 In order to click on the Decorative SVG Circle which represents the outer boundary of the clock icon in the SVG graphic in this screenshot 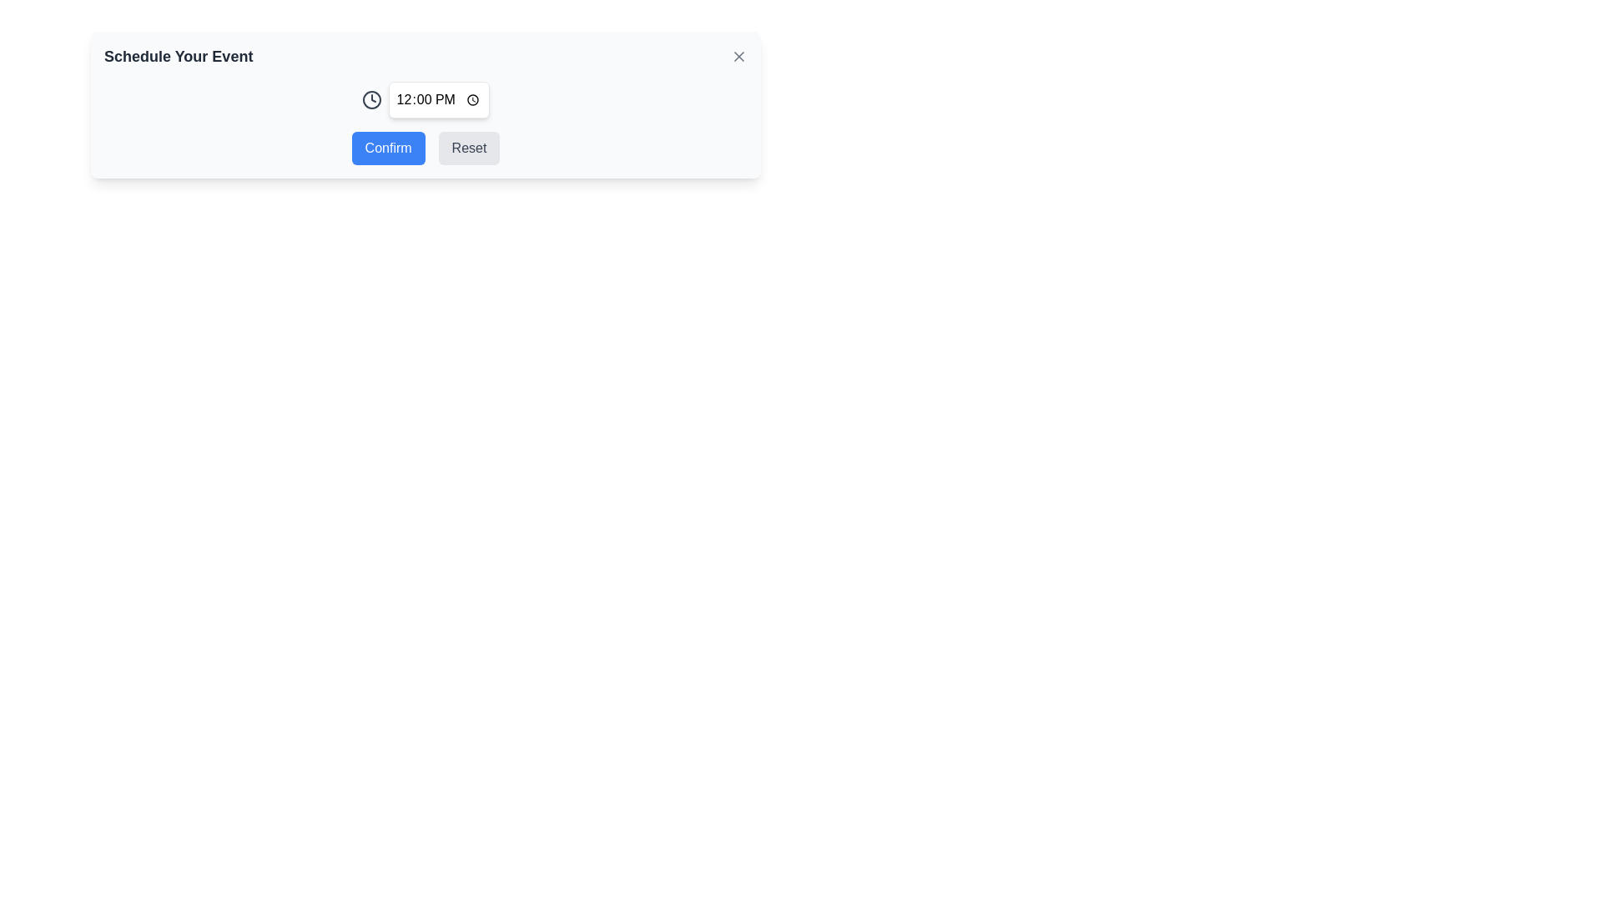, I will do `click(370, 99)`.